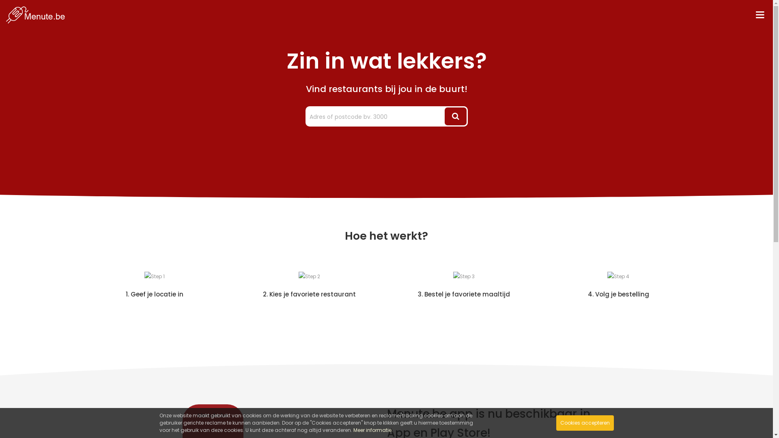  I want to click on 'Step 4', so click(618, 276).